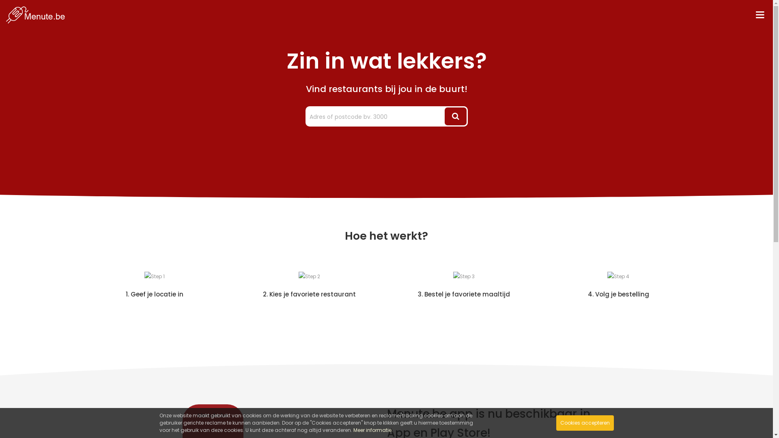  I want to click on 'Step 4', so click(618, 276).